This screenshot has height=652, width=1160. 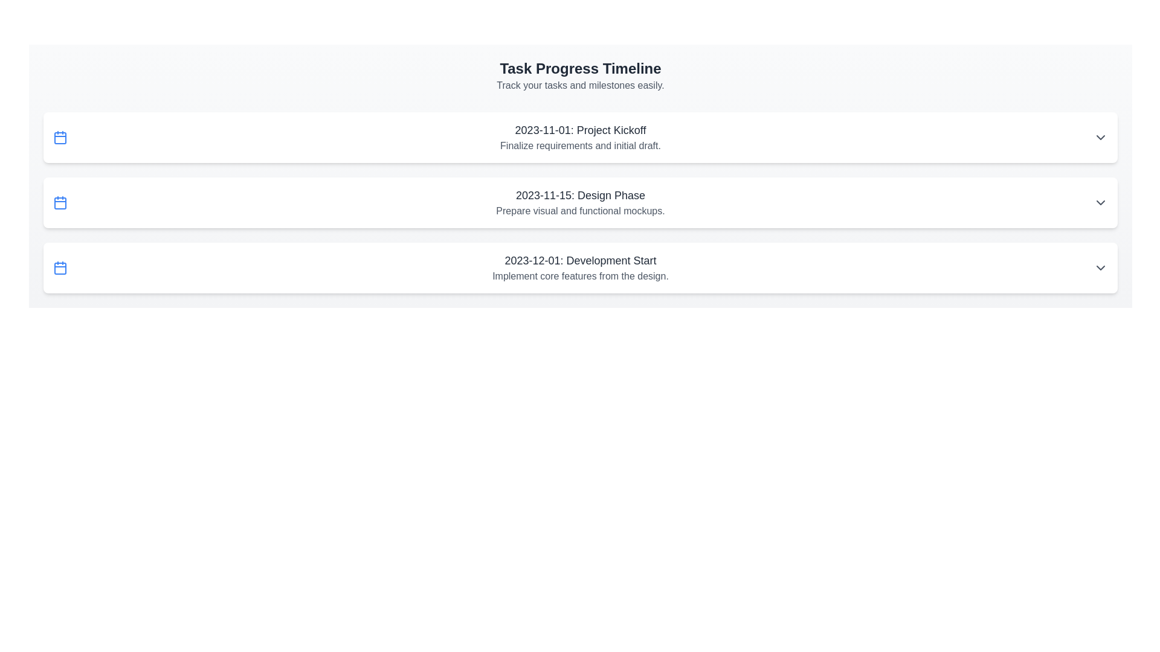 What do you see at coordinates (60, 202) in the screenshot?
I see `the calendar icon representing the date element for the timeline entry scheduled on '2023-11-15: Design PhasePrepare visual and functional mockups'` at bounding box center [60, 202].